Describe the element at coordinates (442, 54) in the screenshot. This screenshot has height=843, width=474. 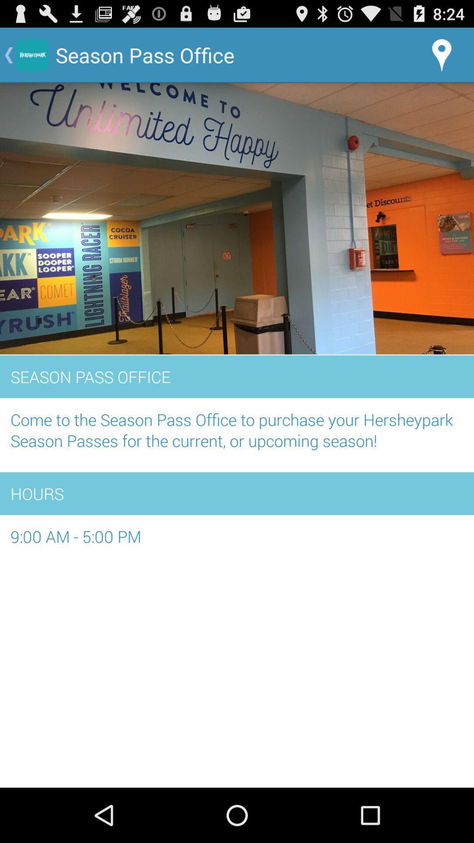
I see `app to the right of the season pass office app` at that location.